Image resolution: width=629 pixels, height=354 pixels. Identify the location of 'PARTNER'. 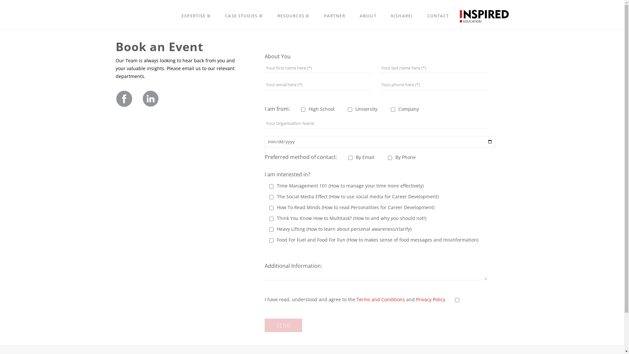
(334, 15).